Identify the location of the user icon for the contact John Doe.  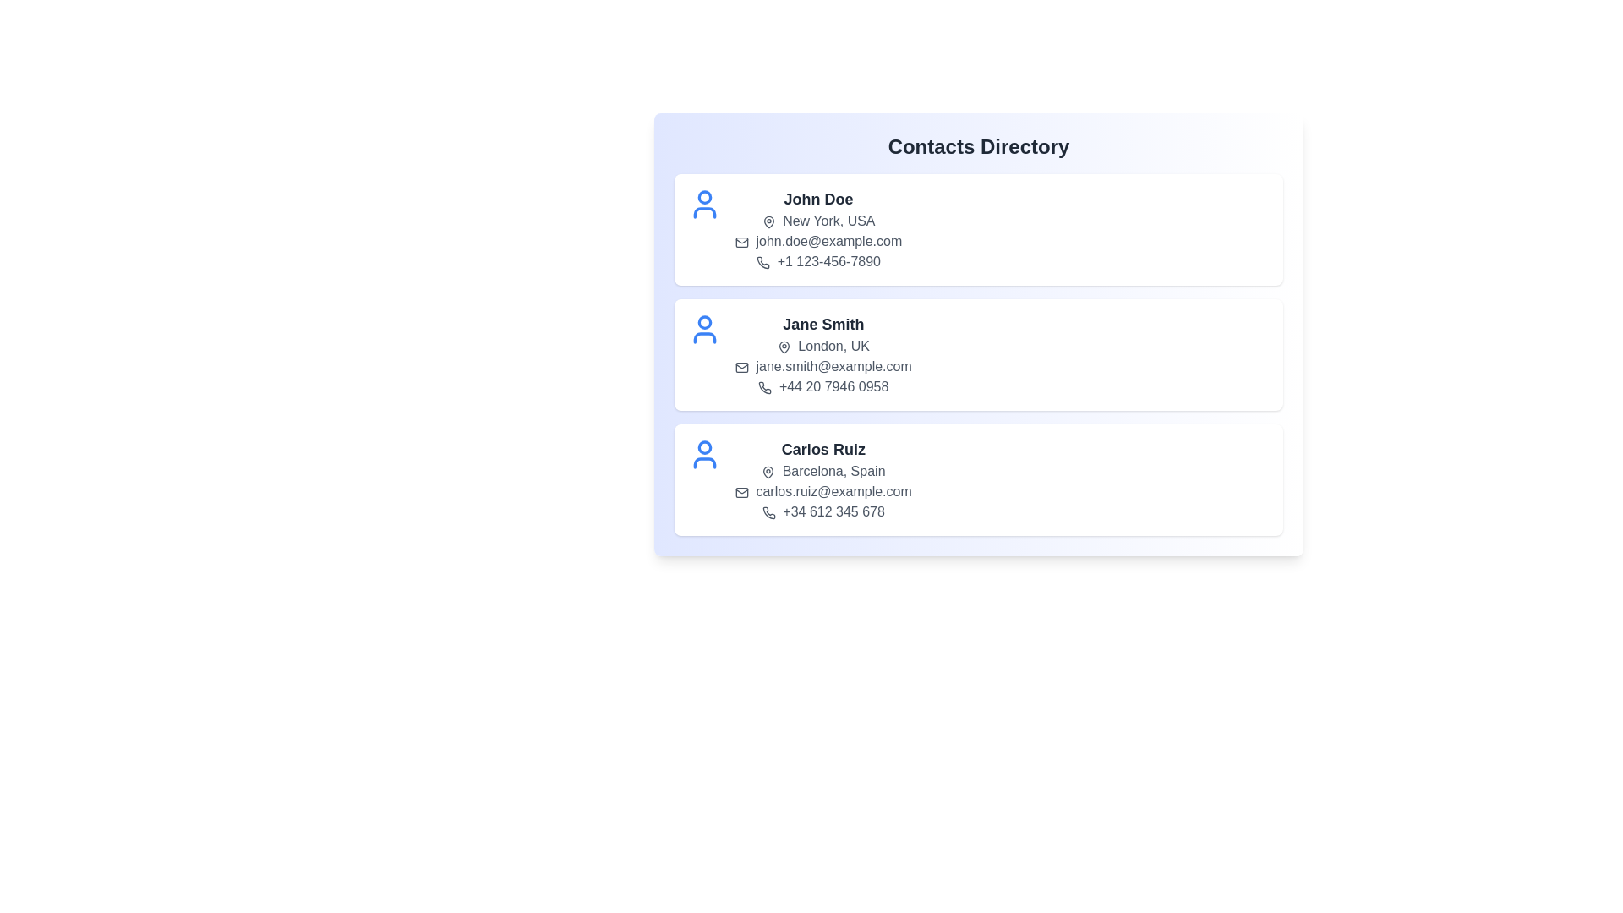
(705, 204).